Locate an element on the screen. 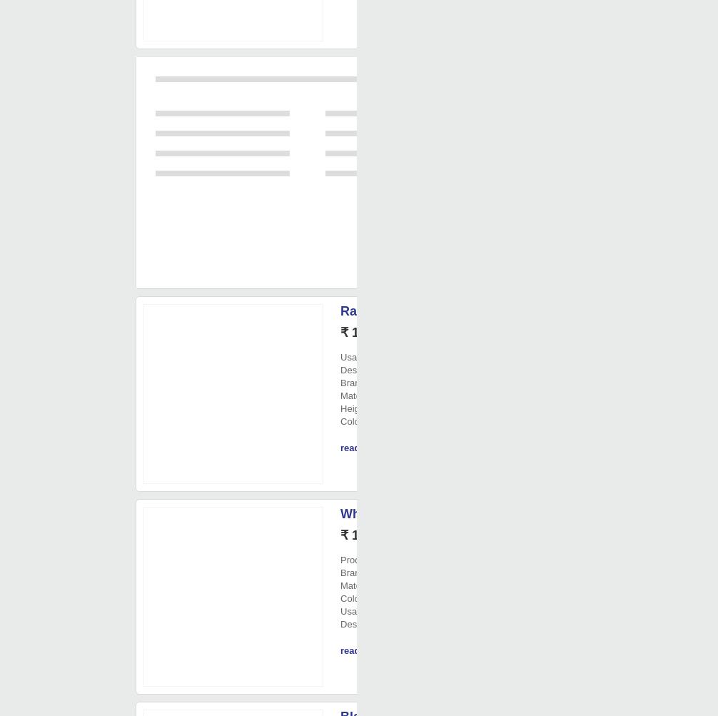 The width and height of the screenshot is (718, 716). ':  5 Inch' is located at coordinates (366, 408).